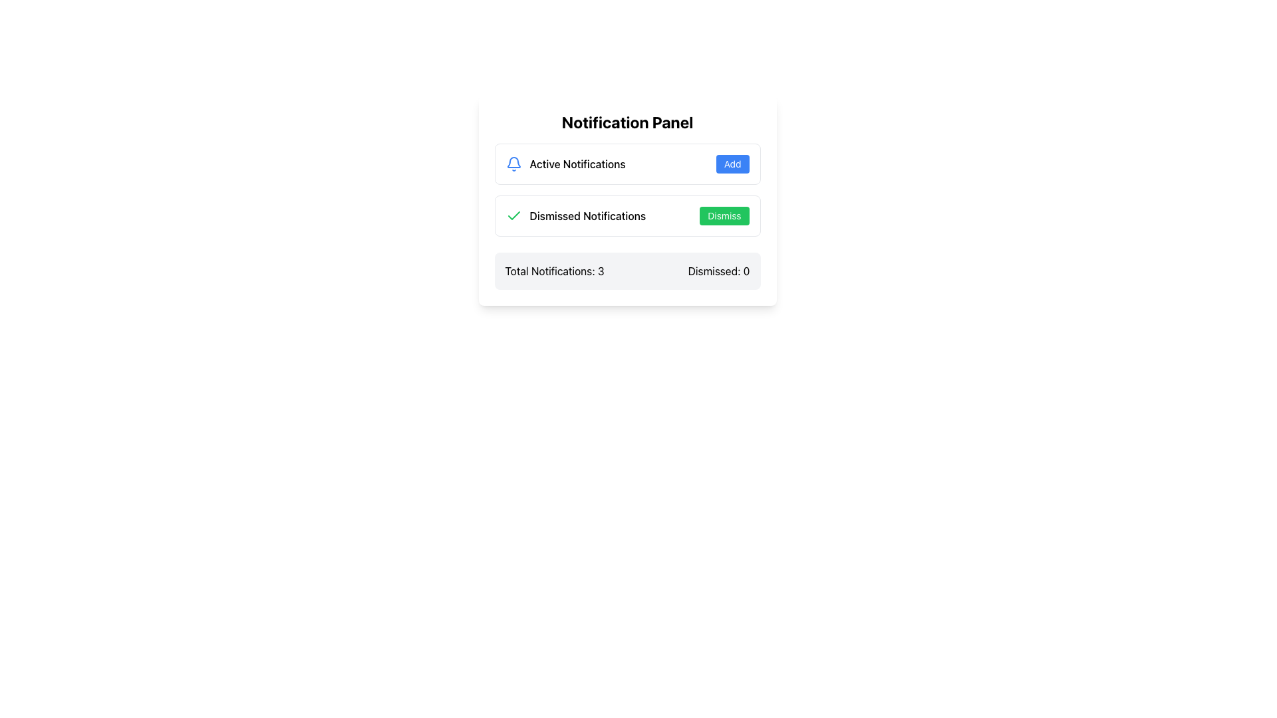 Image resolution: width=1277 pixels, height=718 pixels. What do you see at coordinates (627, 271) in the screenshot?
I see `the Informational box displaying 'Total Notifications: 3' and 'Dismissed: 0' at the bottom of the Notification Panel` at bounding box center [627, 271].